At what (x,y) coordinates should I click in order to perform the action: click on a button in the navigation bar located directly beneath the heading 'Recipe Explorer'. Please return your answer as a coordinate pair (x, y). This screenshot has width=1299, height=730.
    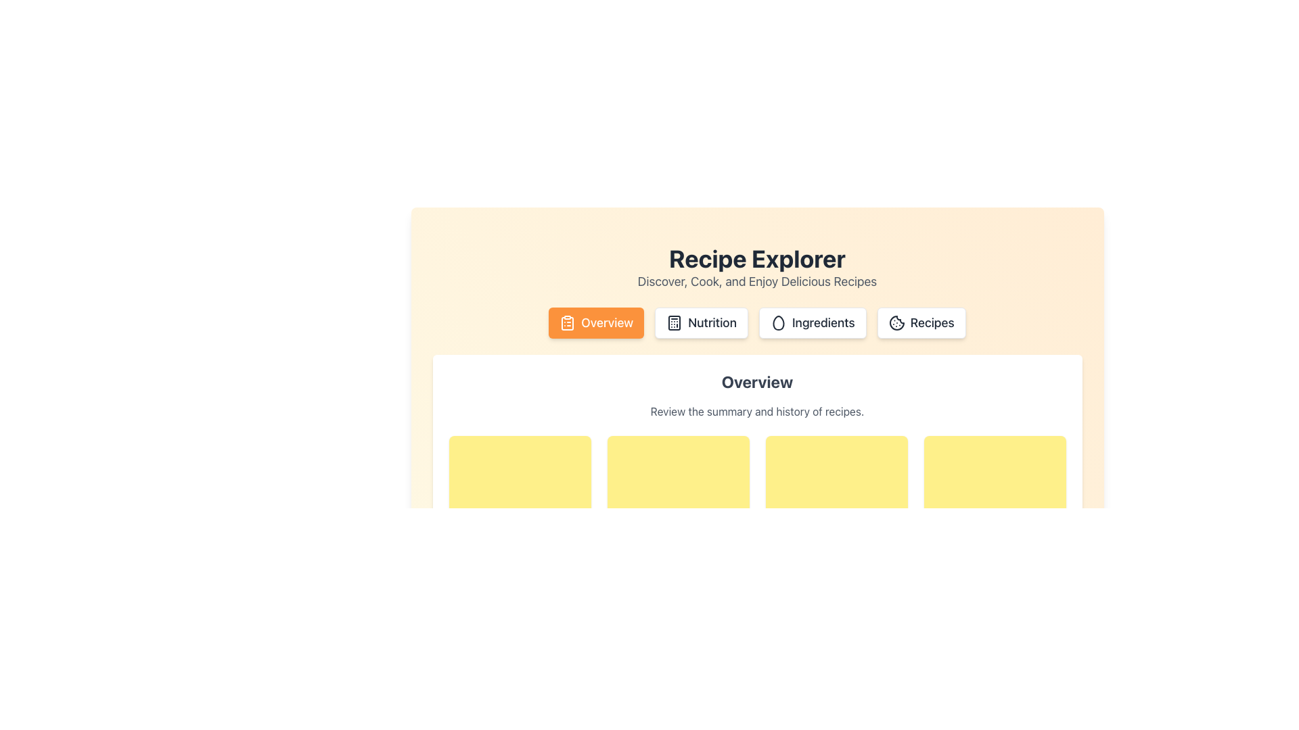
    Looking at the image, I should click on (756, 323).